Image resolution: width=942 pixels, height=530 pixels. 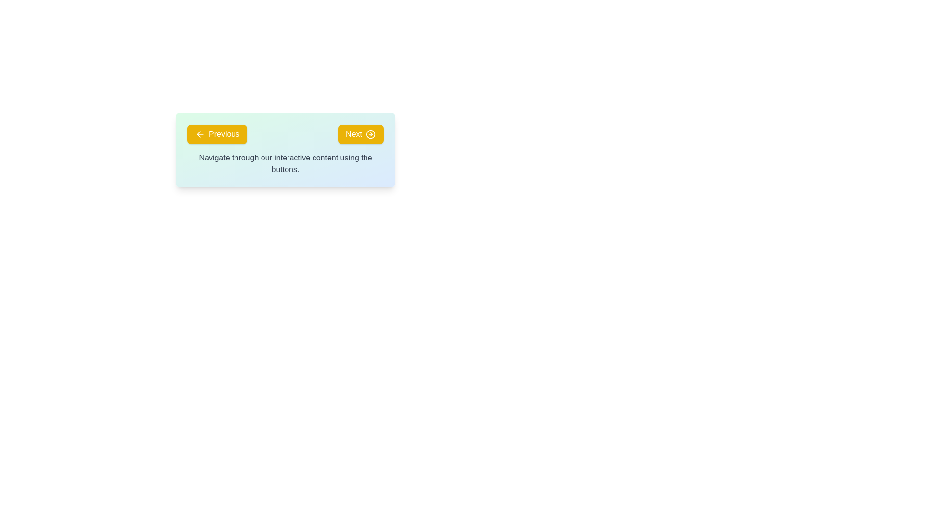 What do you see at coordinates (370, 134) in the screenshot?
I see `the circular button-like icon with a hollow circle and an arrow pointing right, which is` at bounding box center [370, 134].